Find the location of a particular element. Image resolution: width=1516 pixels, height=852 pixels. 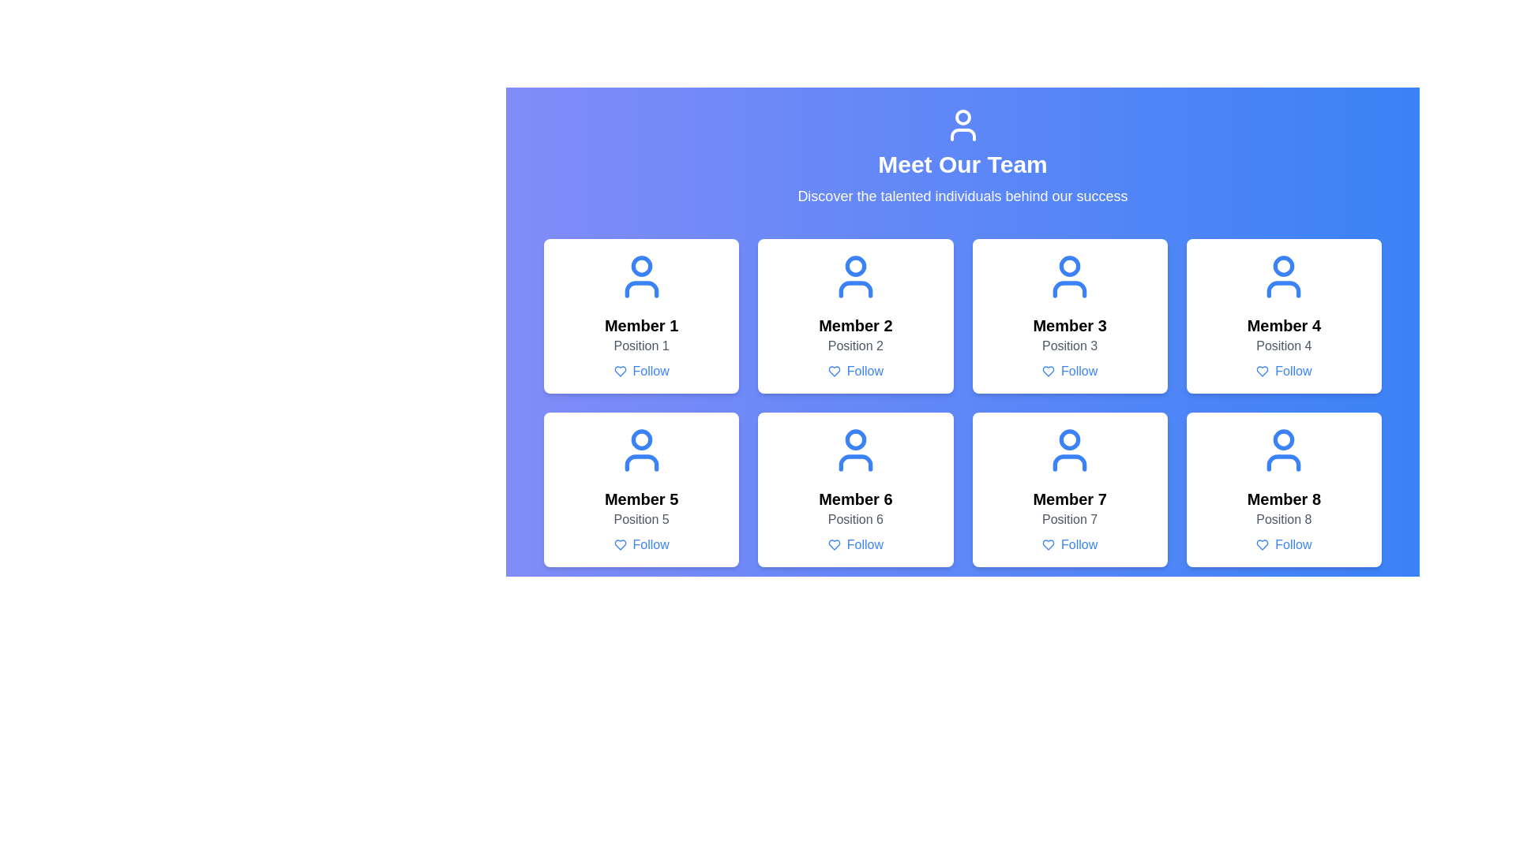

the heart icon located in the 'Follow' button associated with 'Member 7' is located at coordinates (1049, 544).